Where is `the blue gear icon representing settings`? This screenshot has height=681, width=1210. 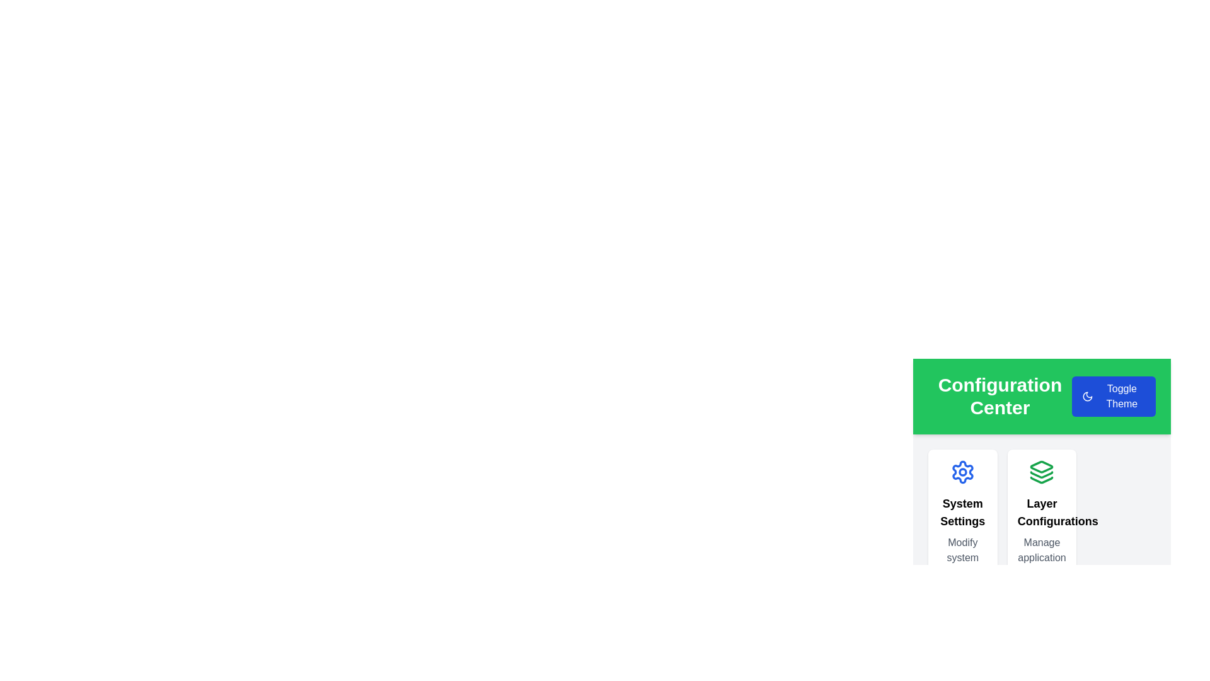 the blue gear icon representing settings is located at coordinates (962, 472).